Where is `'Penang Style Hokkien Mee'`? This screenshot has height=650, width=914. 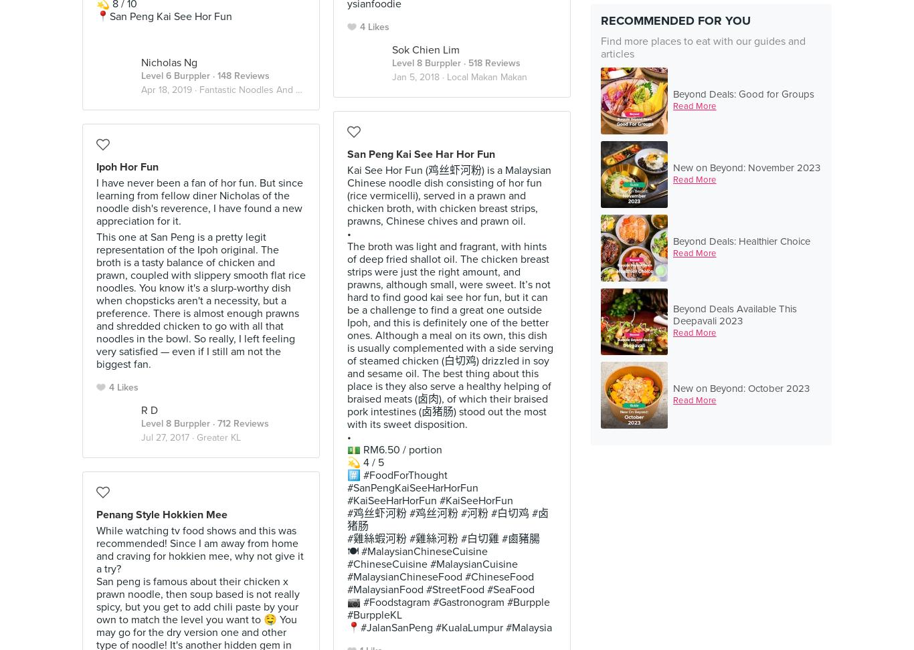
'Penang Style Hokkien Mee' is located at coordinates (162, 514).